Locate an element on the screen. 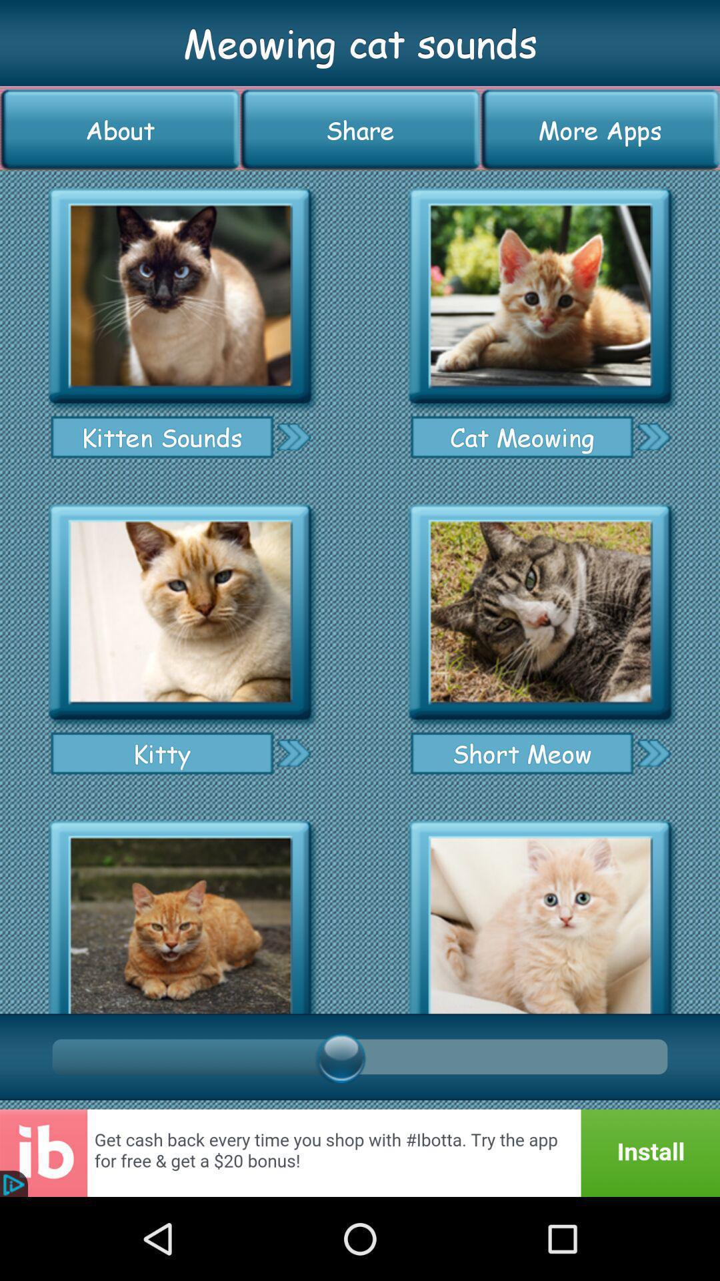  show sounds for this category is located at coordinates (180, 912).